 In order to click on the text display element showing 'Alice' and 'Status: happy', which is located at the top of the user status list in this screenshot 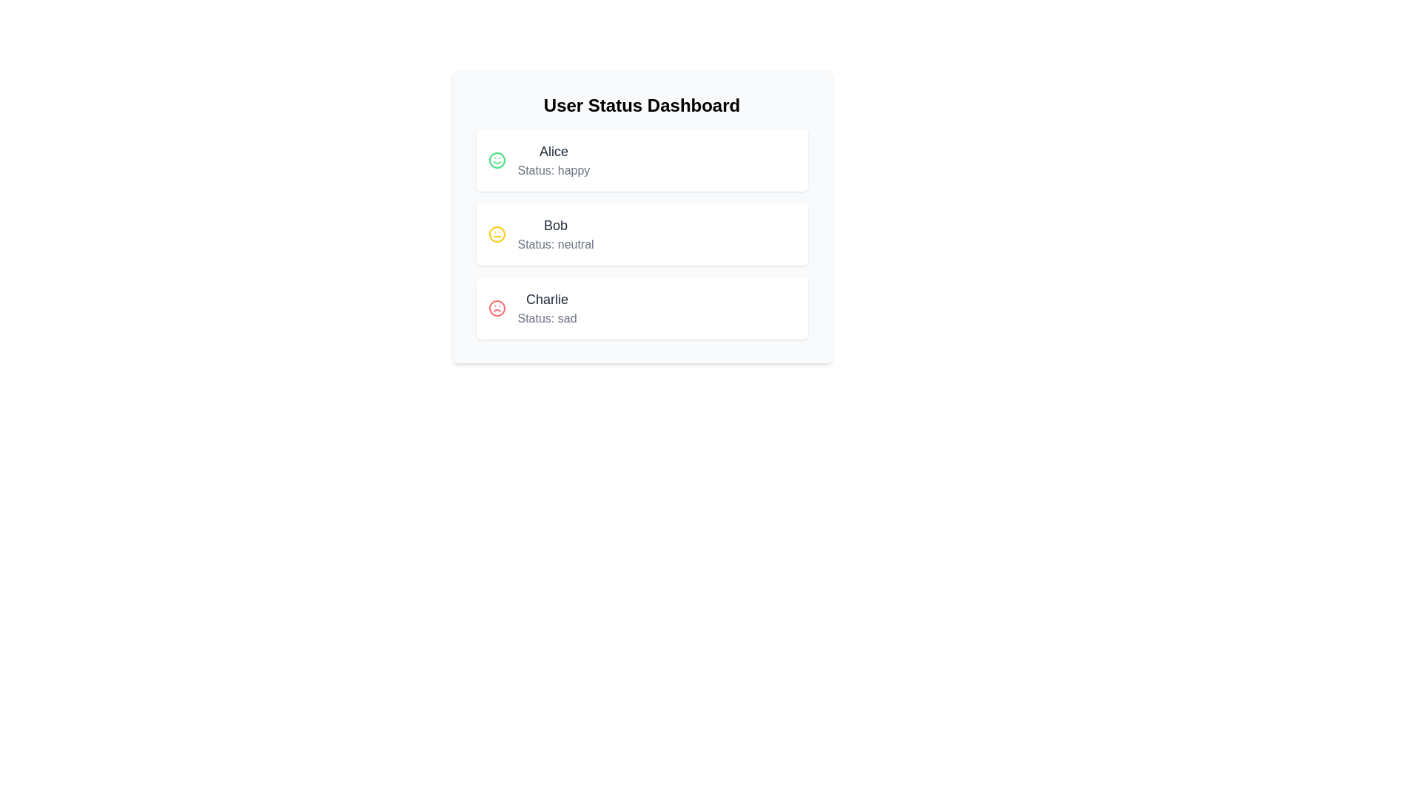, I will do `click(553, 160)`.